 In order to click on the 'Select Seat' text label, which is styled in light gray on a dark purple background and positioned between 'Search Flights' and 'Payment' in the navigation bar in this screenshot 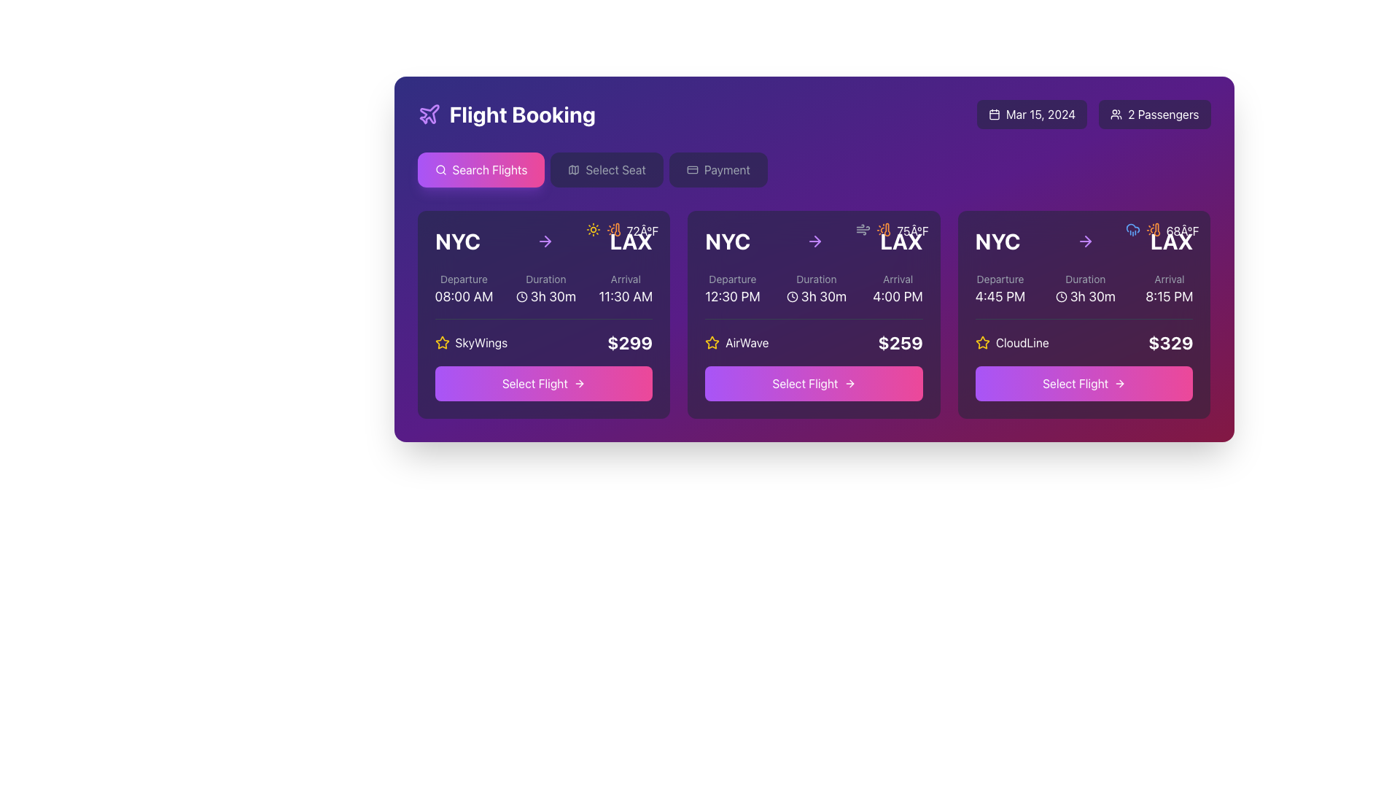, I will do `click(615, 169)`.